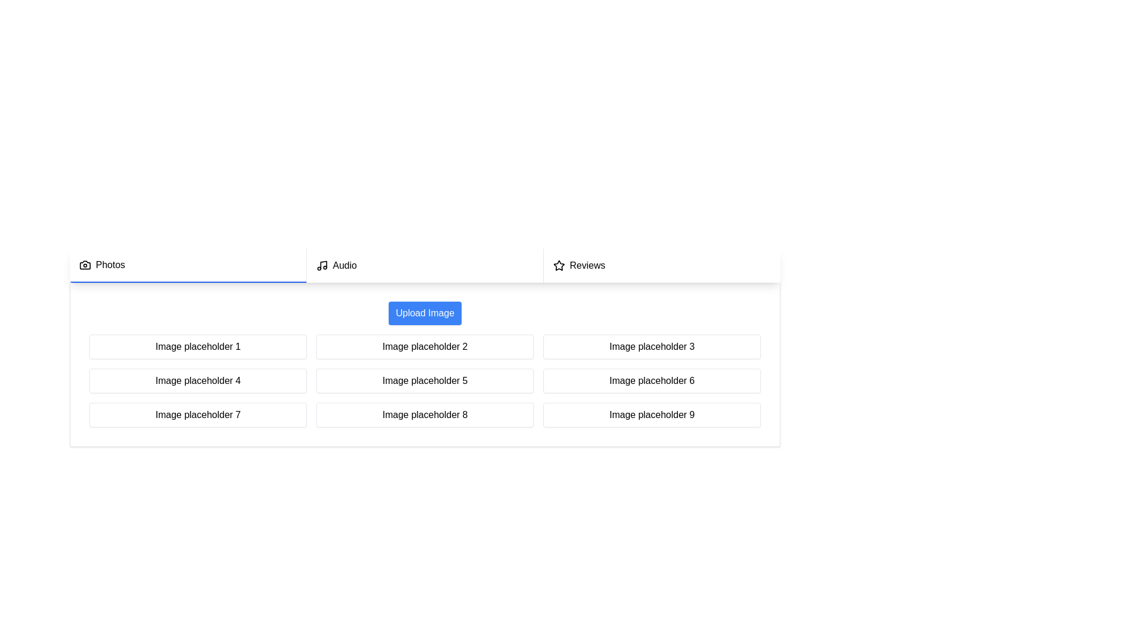  I want to click on the Photos tab in the navigation bar, so click(188, 265).